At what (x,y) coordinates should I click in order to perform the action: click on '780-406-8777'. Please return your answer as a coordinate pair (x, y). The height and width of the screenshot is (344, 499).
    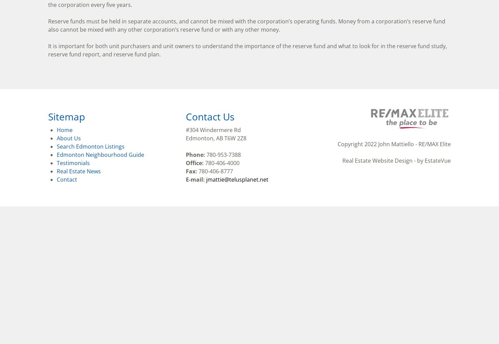
    Looking at the image, I should click on (214, 171).